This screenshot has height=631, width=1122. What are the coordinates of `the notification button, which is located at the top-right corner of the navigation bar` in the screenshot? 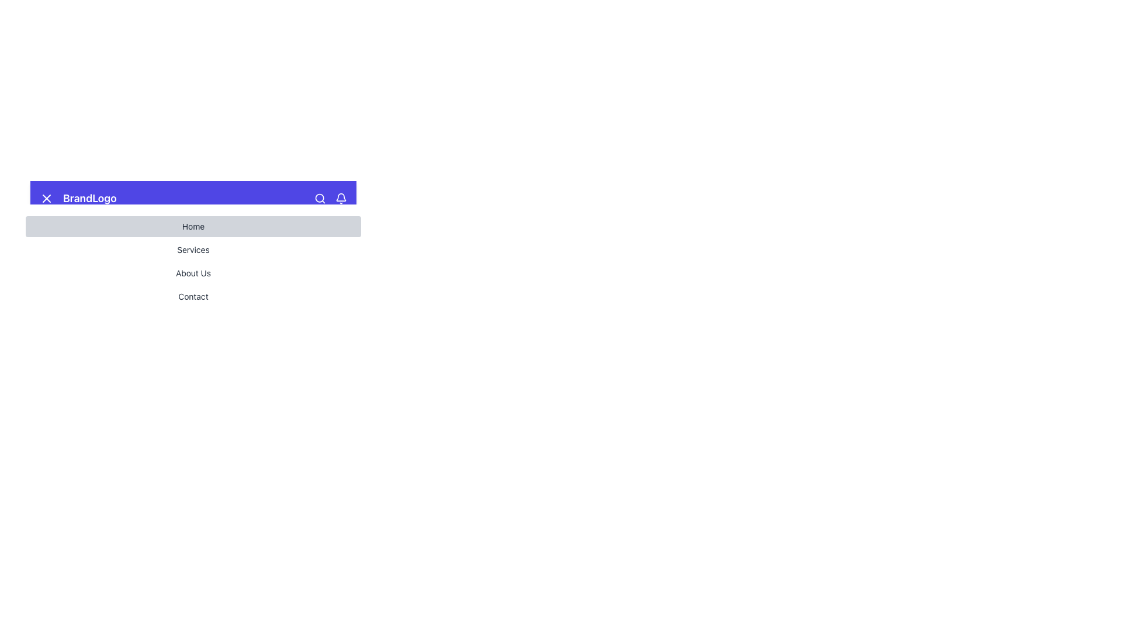 It's located at (341, 197).